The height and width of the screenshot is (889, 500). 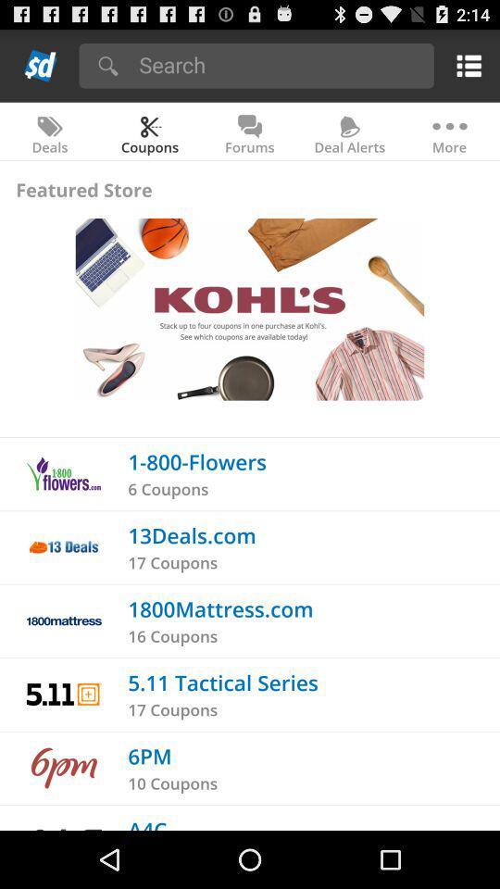 What do you see at coordinates (196, 460) in the screenshot?
I see `the 1-800-flowers app` at bounding box center [196, 460].